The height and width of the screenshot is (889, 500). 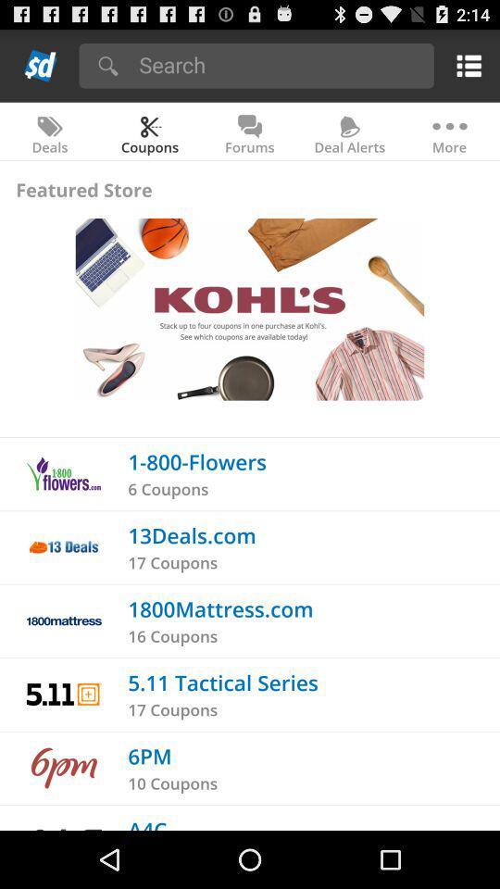 What do you see at coordinates (196, 460) in the screenshot?
I see `the 1-800-flowers app` at bounding box center [196, 460].